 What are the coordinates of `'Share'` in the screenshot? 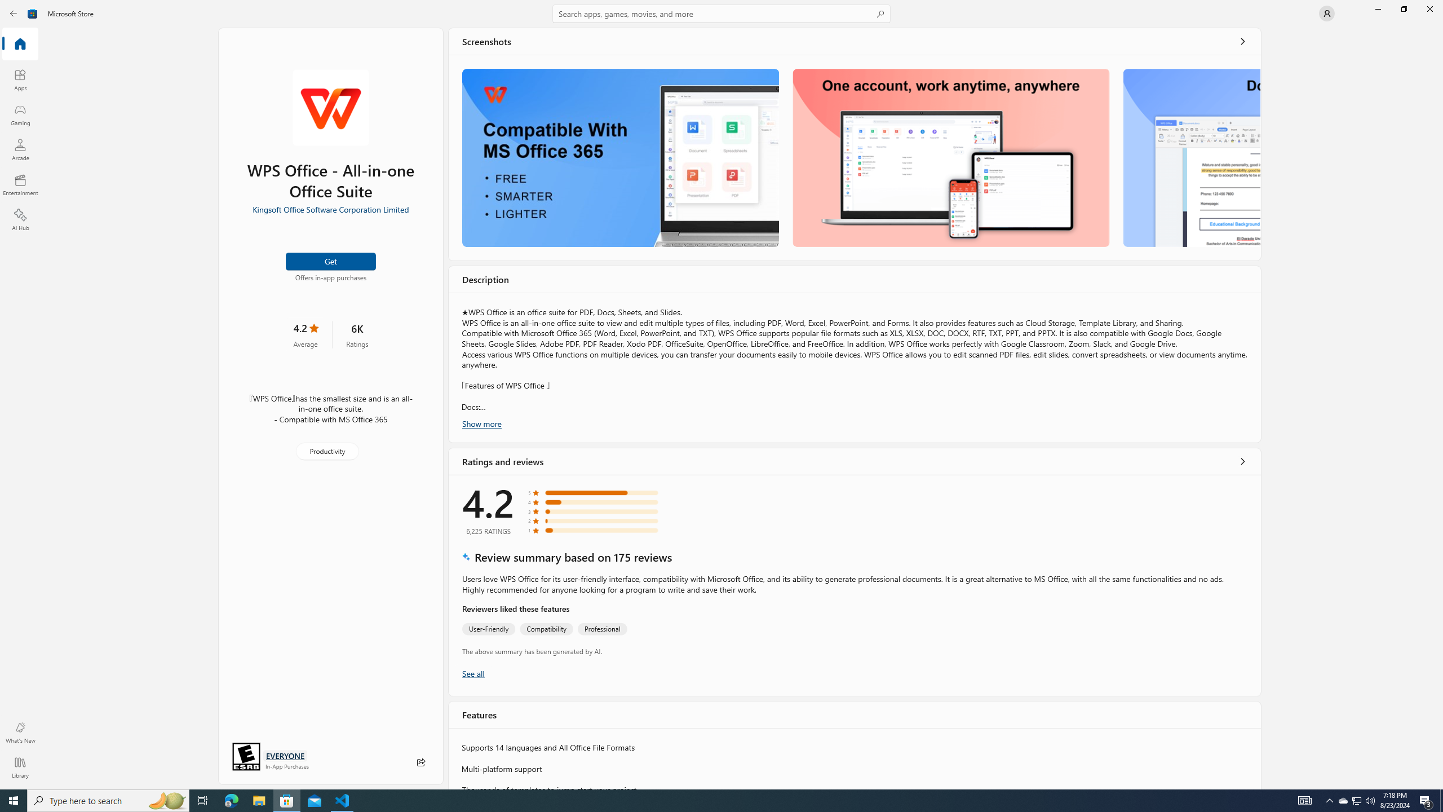 It's located at (420, 762).